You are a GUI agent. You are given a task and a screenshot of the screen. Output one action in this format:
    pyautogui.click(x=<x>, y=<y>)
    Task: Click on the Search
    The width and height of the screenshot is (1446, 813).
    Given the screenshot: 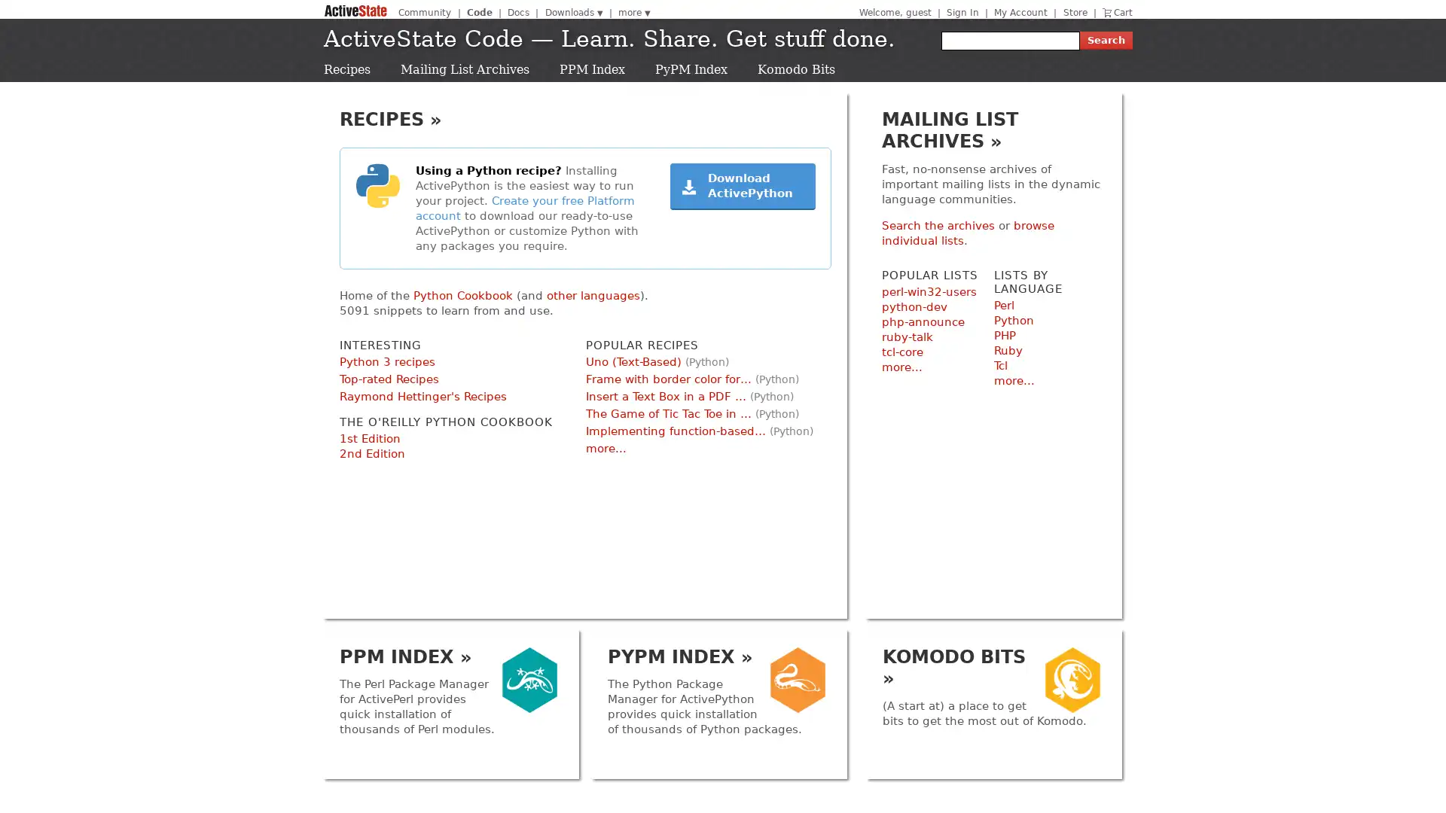 What is the action you would take?
    pyautogui.click(x=1106, y=40)
    